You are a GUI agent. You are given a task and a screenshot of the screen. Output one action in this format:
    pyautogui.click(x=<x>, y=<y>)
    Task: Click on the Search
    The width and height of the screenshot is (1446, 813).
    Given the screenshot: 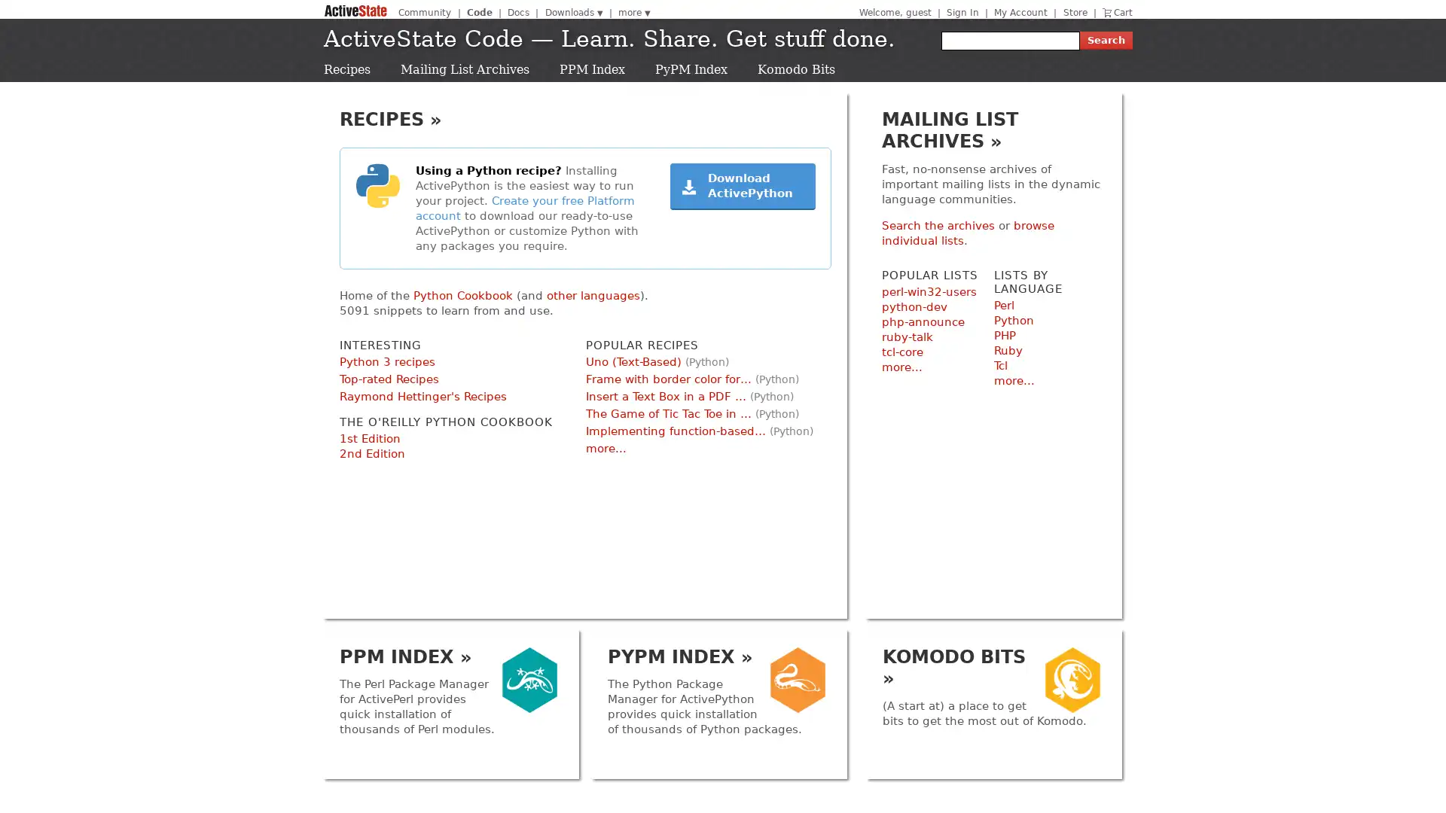 What is the action you would take?
    pyautogui.click(x=1106, y=40)
    